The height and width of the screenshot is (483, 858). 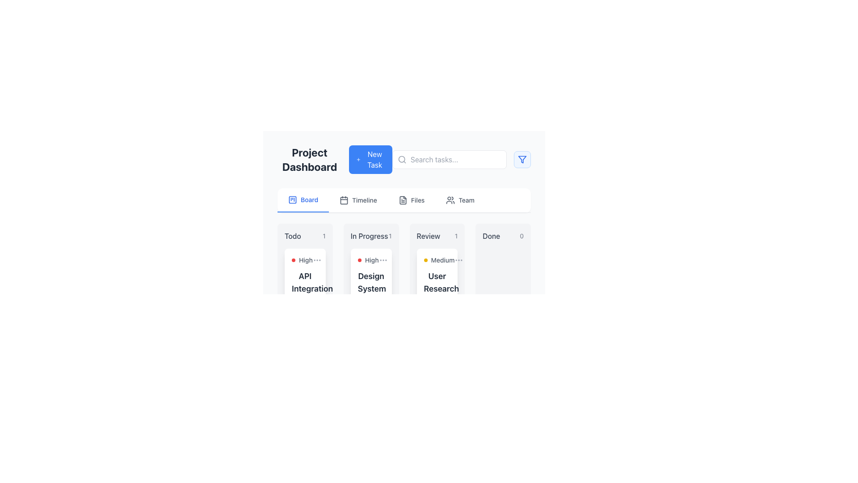 I want to click on the square button with a blue filter icon in its center, located at the far right of the horizontal grouping in the upper-center section of the interface, so click(x=522, y=159).